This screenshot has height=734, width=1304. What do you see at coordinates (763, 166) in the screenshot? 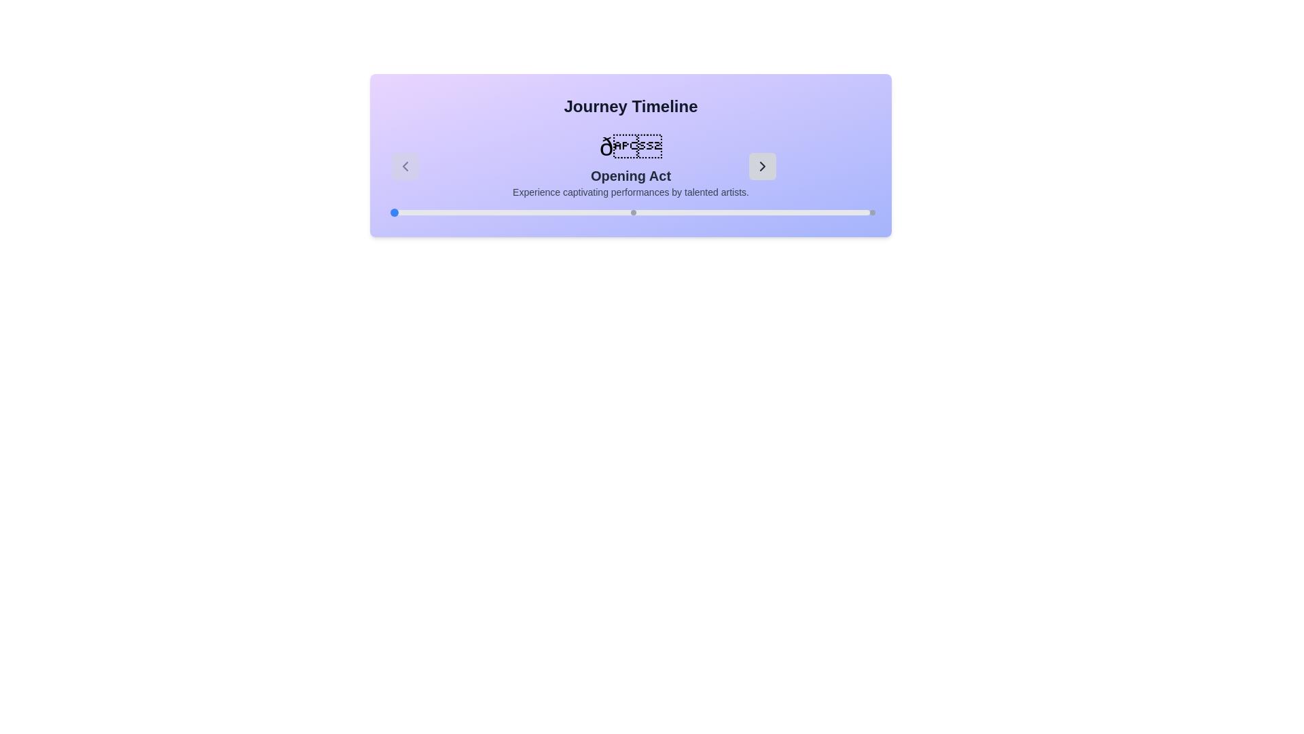
I see `the button located at the right end of the 'Journey Timeline' interface` at bounding box center [763, 166].